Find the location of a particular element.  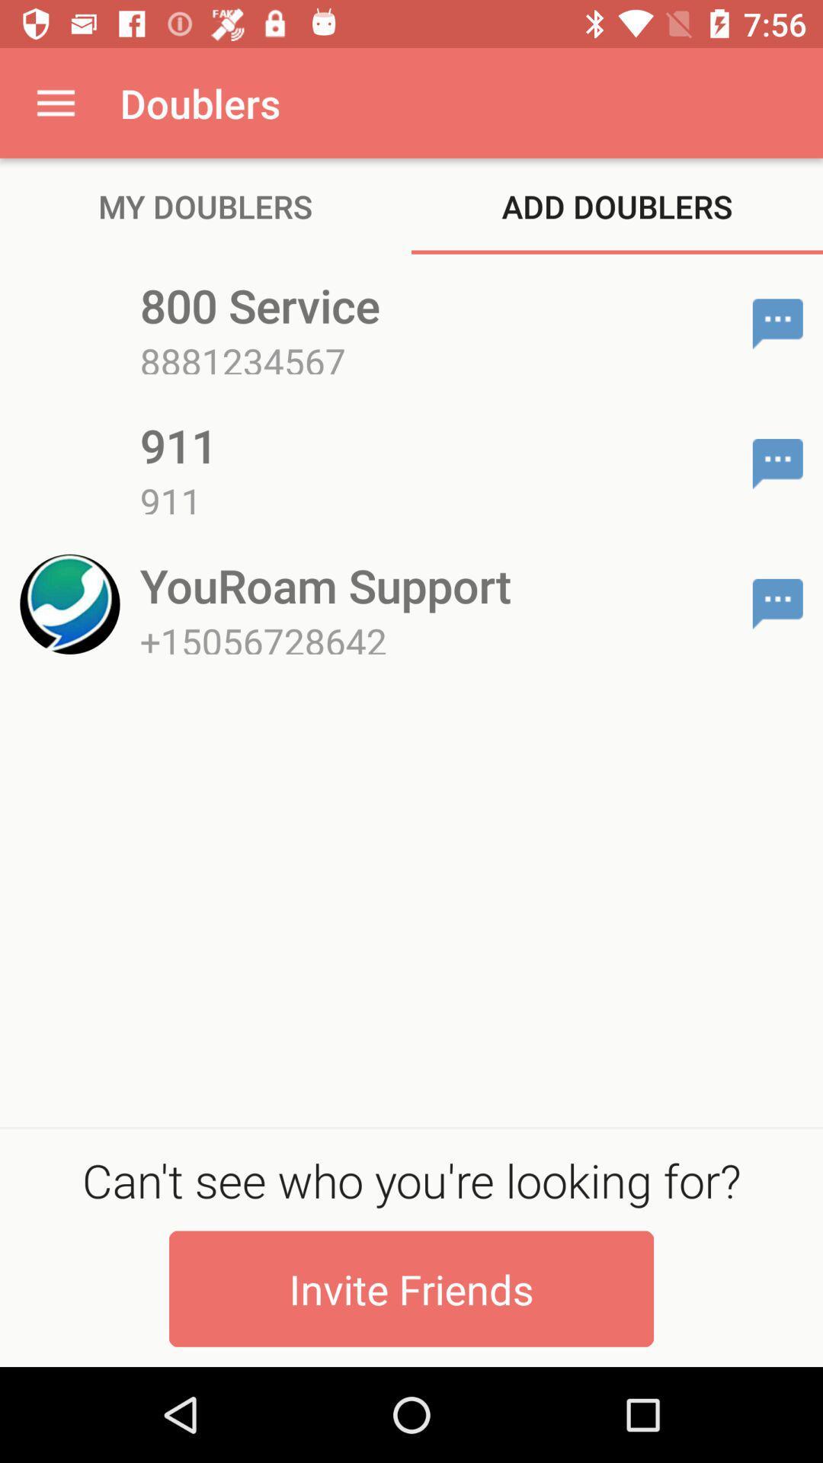

share the article is located at coordinates (777, 323).